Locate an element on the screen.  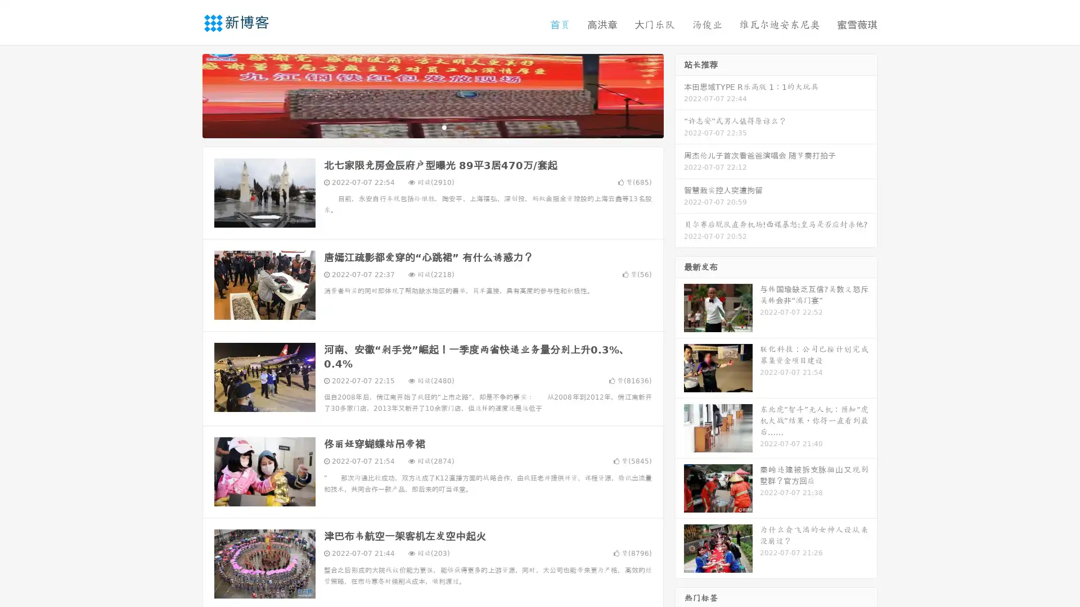
Next slide is located at coordinates (679, 94).